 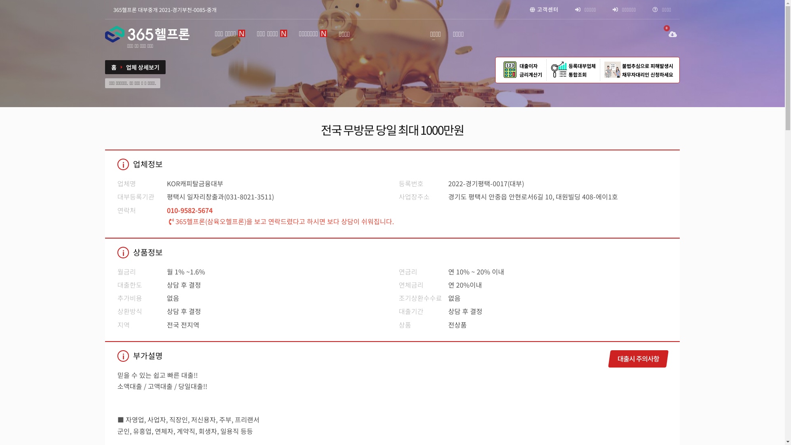 I want to click on '010-9582-5674', so click(x=191, y=209).